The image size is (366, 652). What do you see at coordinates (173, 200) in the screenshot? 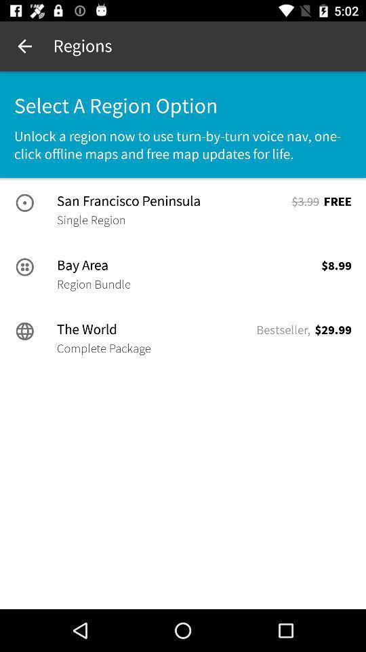
I see `san francisco peninsula icon` at bounding box center [173, 200].